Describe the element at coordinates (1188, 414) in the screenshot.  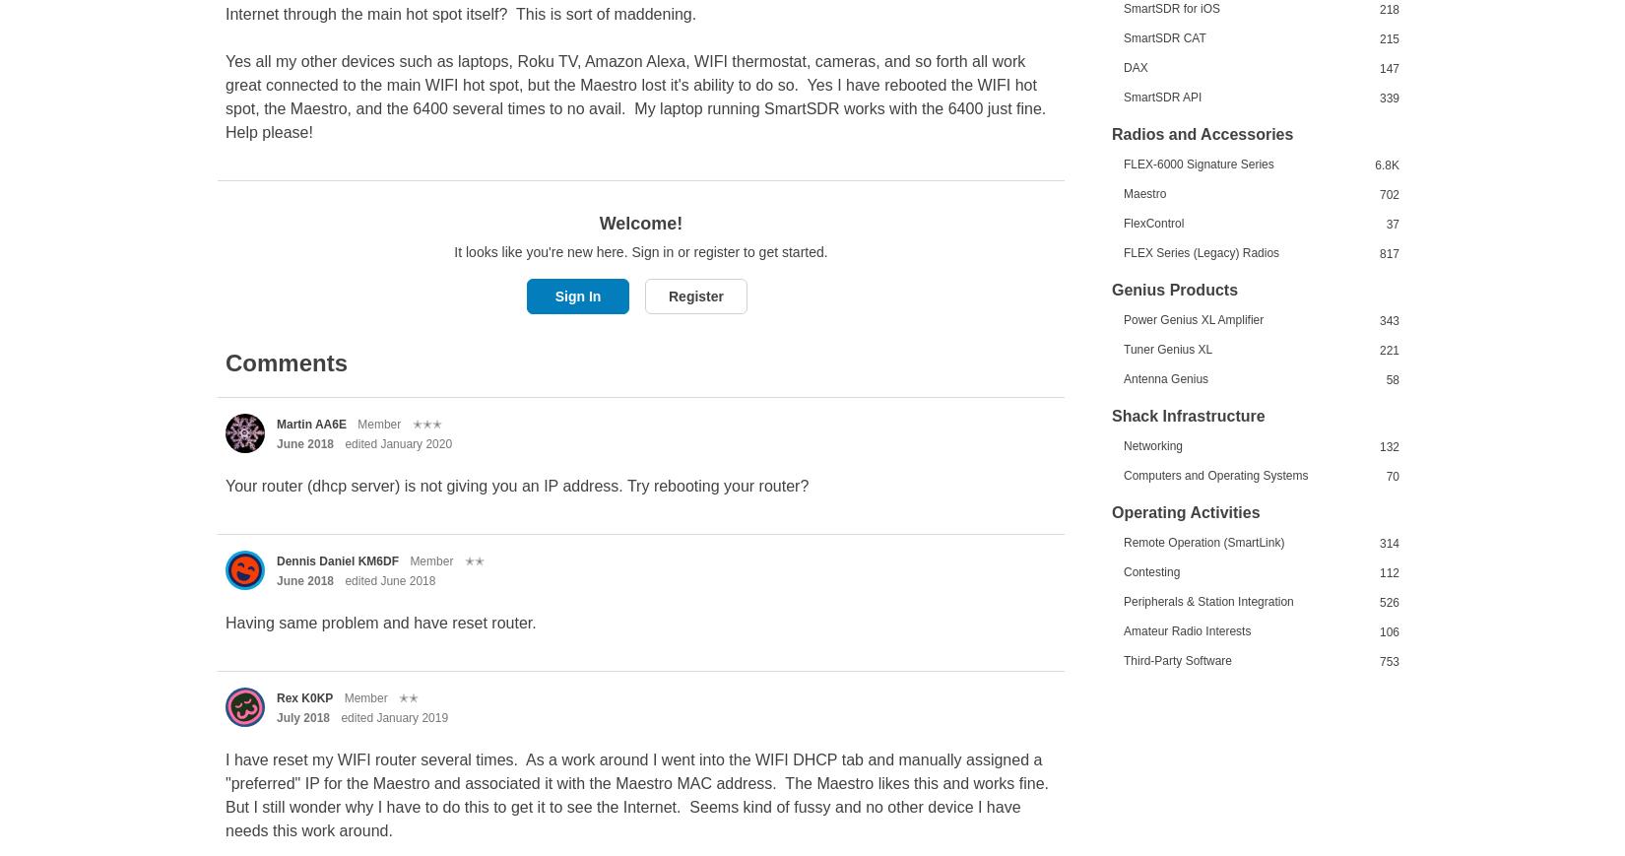
I see `'Shack Infrastructure'` at that location.